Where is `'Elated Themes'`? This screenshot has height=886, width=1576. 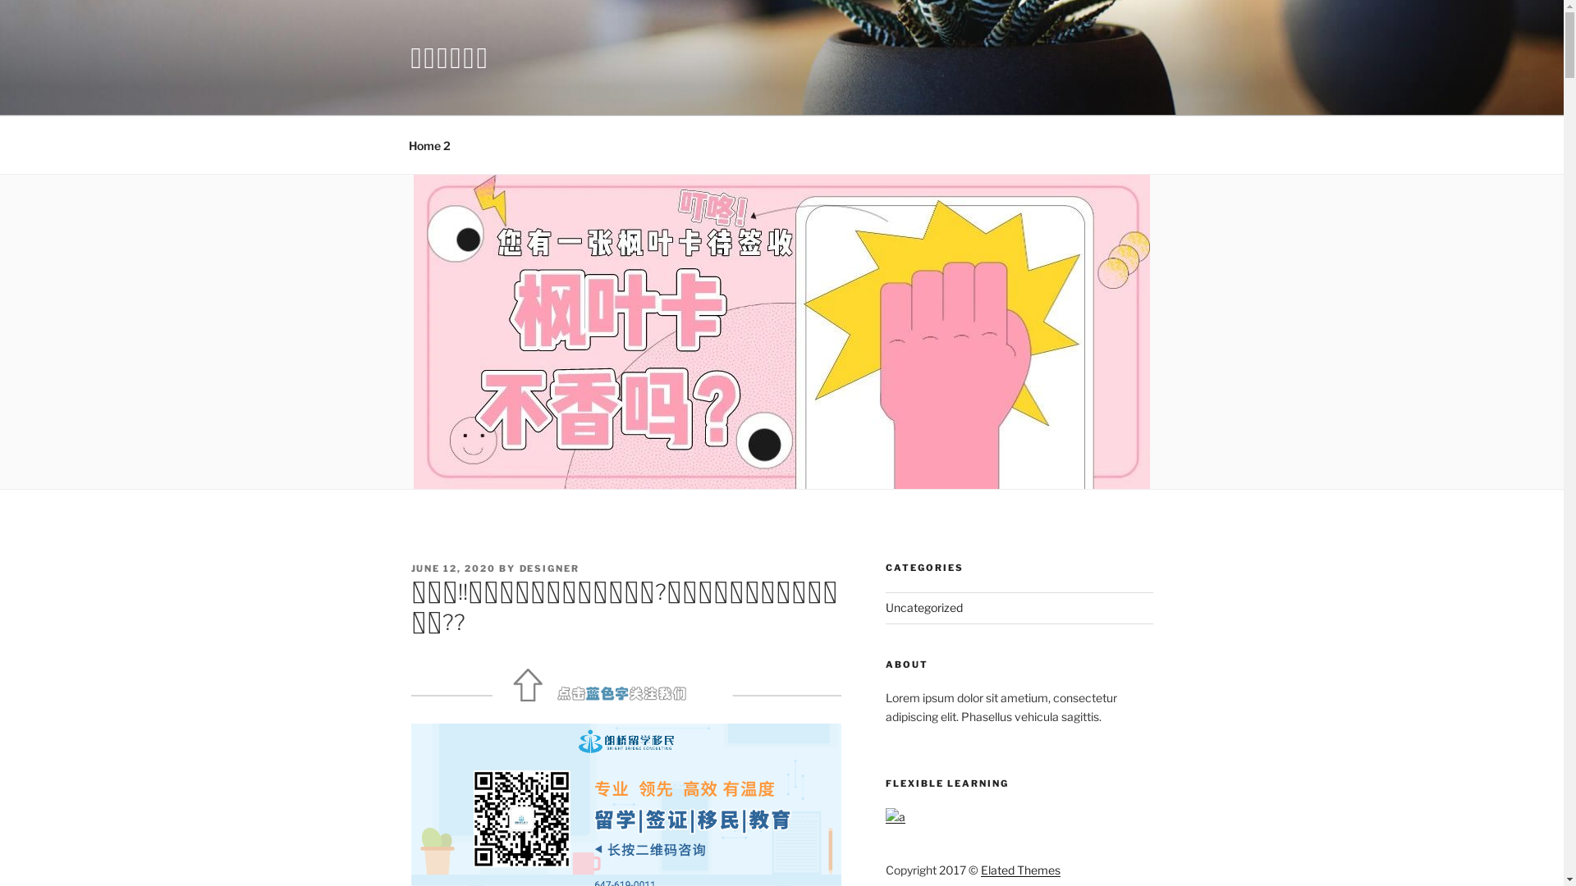 'Elated Themes' is located at coordinates (1019, 869).